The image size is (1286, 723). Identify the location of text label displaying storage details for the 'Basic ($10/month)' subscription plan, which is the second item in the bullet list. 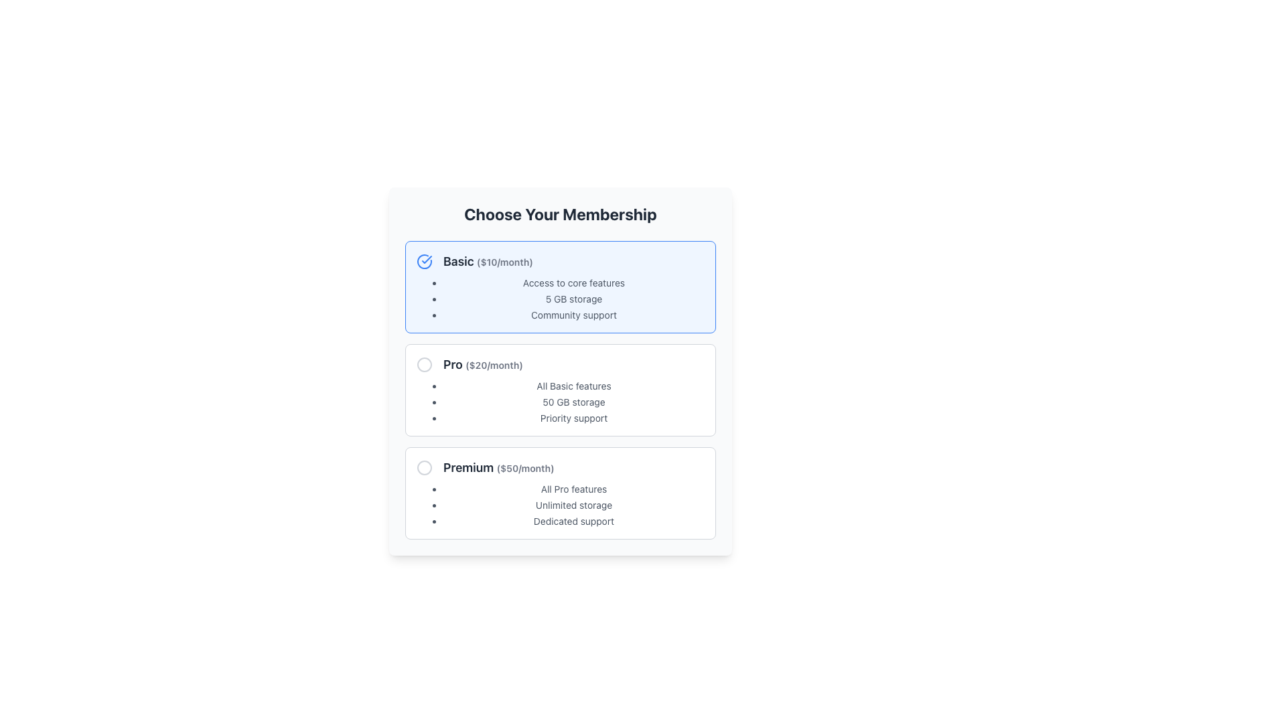
(574, 299).